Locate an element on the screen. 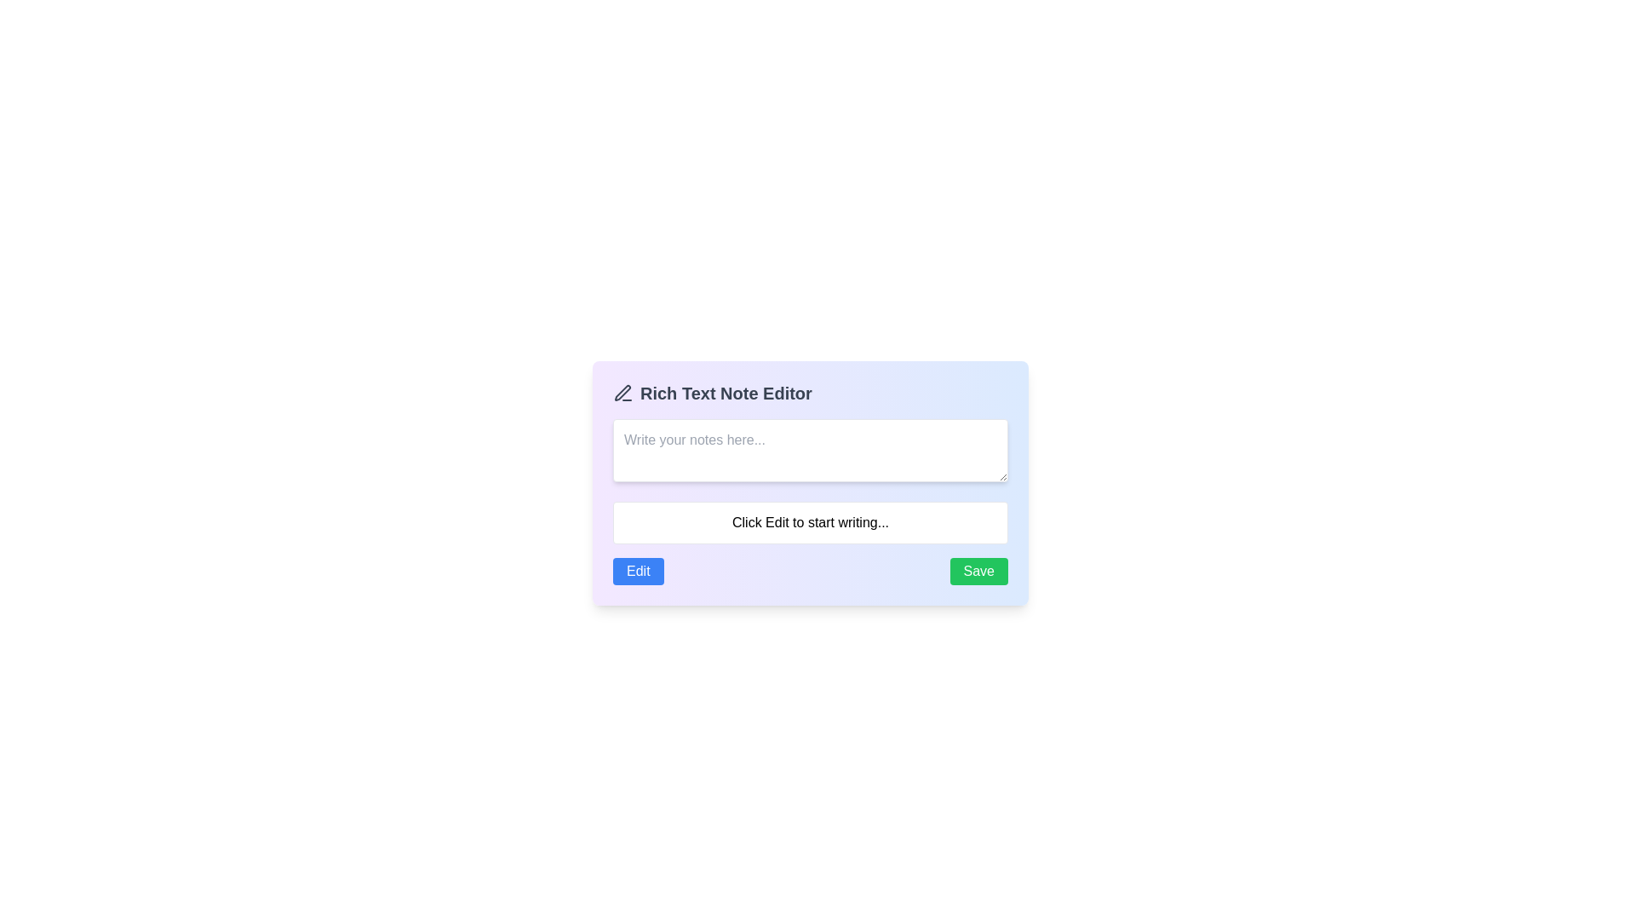 This screenshot has width=1635, height=920. the text box placeholder message that instructs the user to click the 'Edit' button to begin writing in the editor, located within the 'Rich Text Note Editor' is located at coordinates (809, 521).